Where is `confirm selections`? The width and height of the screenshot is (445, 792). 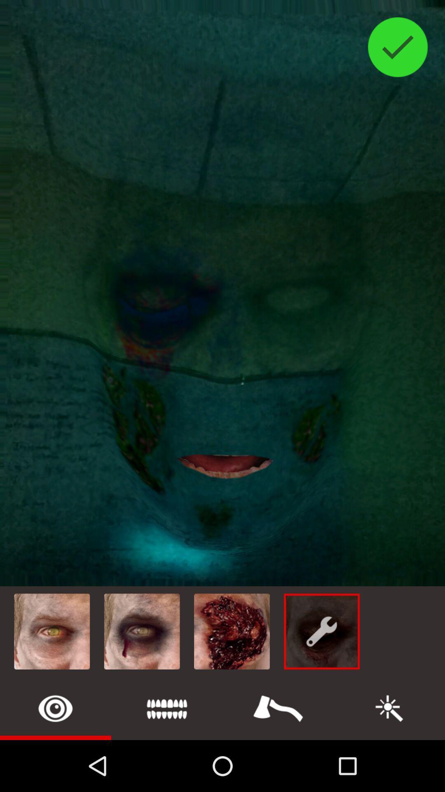
confirm selections is located at coordinates (397, 47).